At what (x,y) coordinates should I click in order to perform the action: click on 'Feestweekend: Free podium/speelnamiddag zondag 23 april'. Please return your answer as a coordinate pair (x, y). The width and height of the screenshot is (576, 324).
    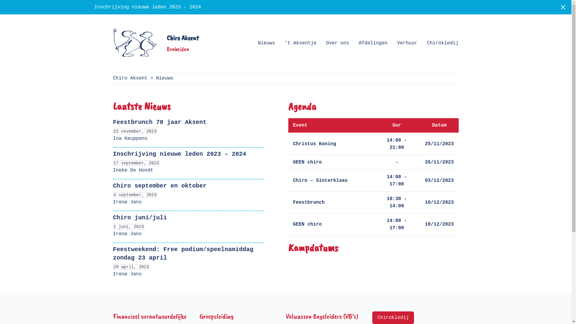
    Looking at the image, I should click on (182, 253).